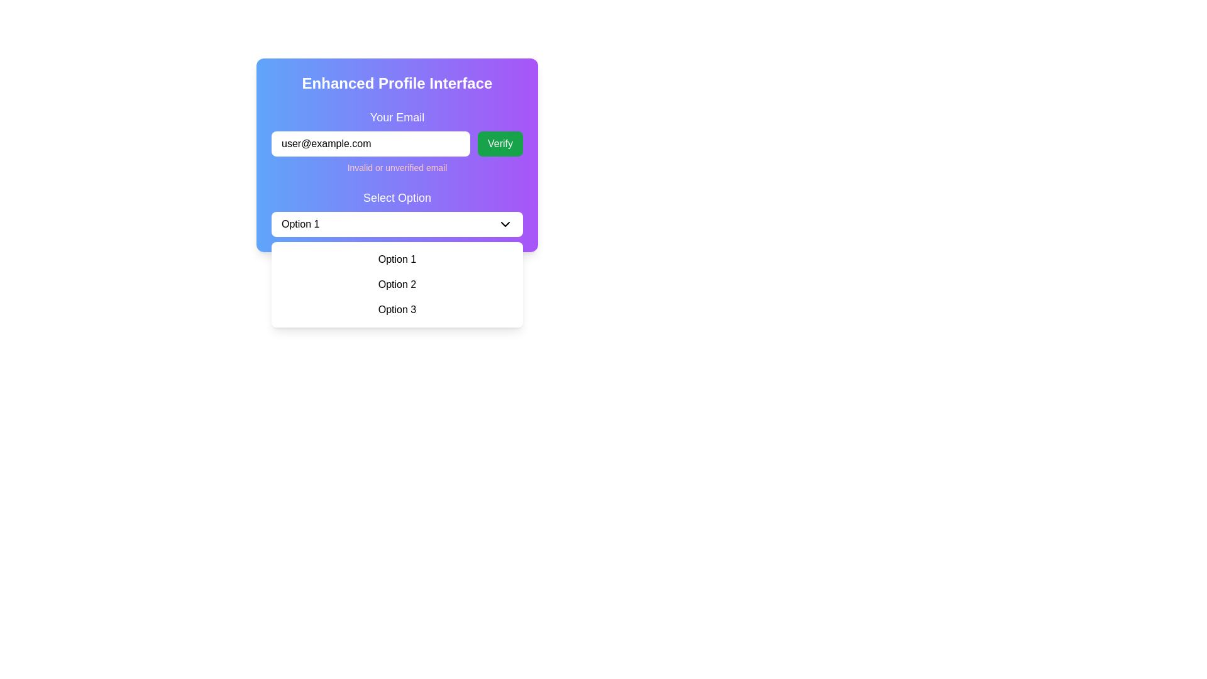 The height and width of the screenshot is (679, 1207). I want to click on the second selectable option in the dropdown menu located below the 'Select Option' button, so click(397, 284).